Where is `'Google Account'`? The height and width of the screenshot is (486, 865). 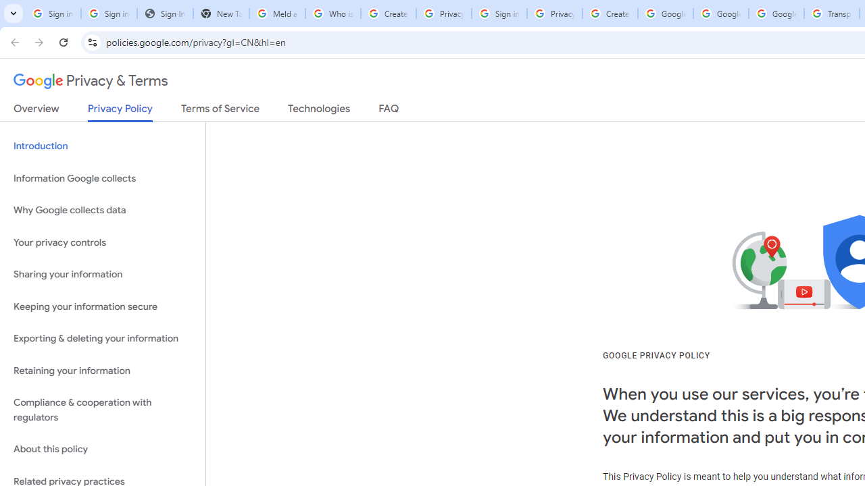 'Google Account' is located at coordinates (776, 13).